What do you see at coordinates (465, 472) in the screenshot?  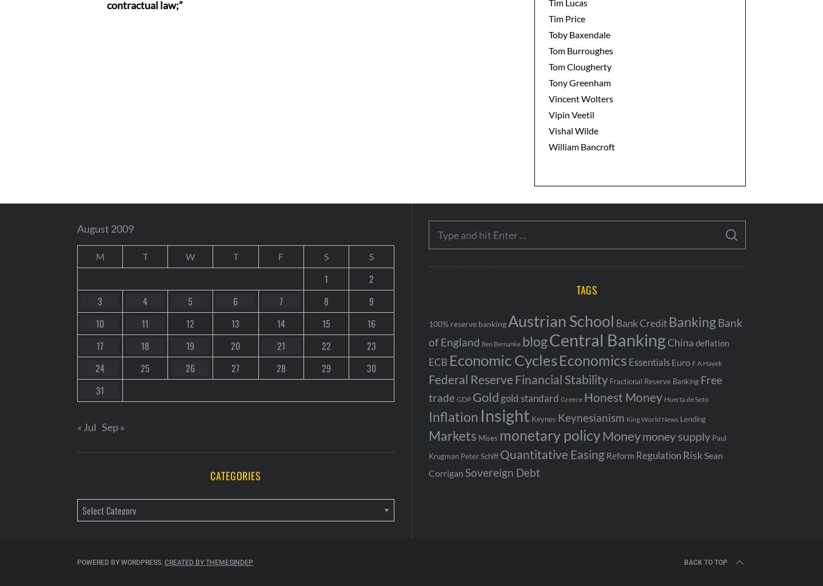 I see `'Sovereign Debt'` at bounding box center [465, 472].